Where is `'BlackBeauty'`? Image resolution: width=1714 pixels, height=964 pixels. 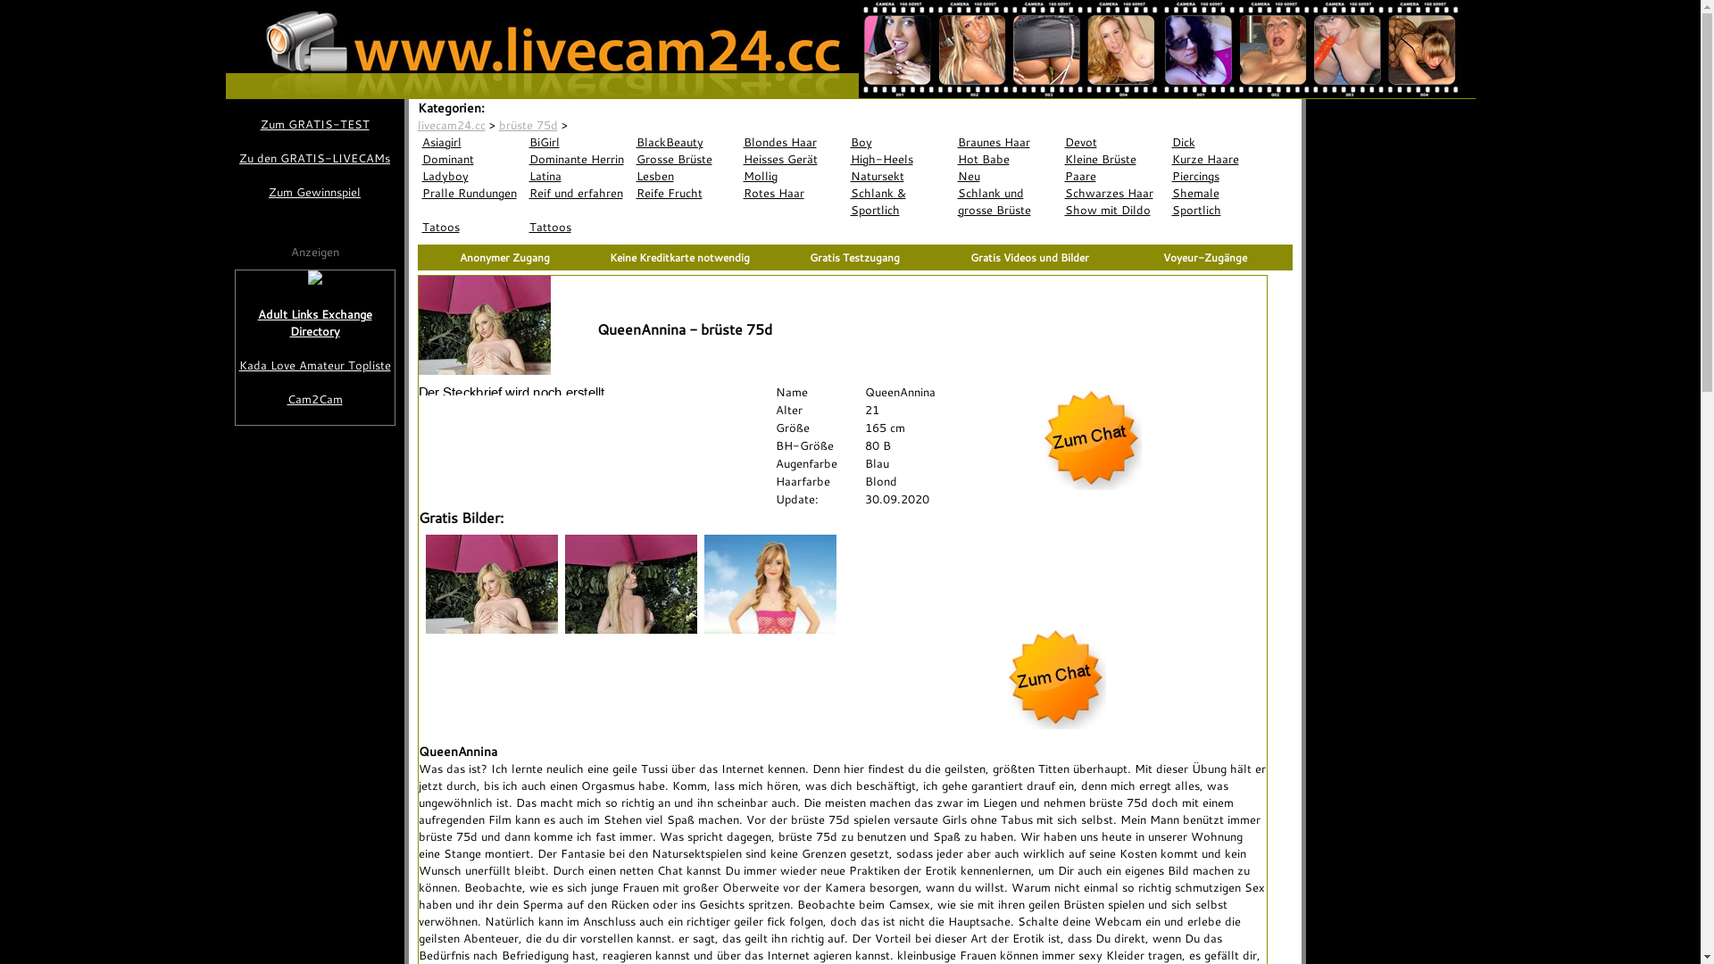
'BlackBeauty' is located at coordinates (685, 141).